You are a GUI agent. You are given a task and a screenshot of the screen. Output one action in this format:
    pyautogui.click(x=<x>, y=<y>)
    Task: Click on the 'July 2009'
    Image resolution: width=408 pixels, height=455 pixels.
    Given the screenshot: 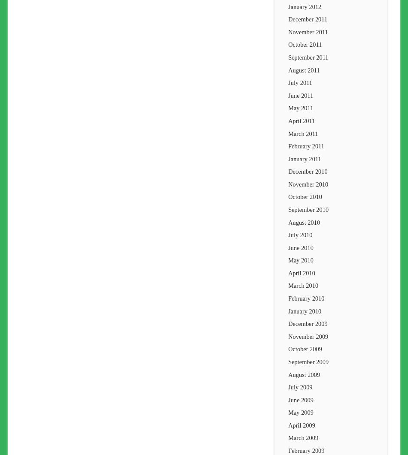 What is the action you would take?
    pyautogui.click(x=300, y=387)
    